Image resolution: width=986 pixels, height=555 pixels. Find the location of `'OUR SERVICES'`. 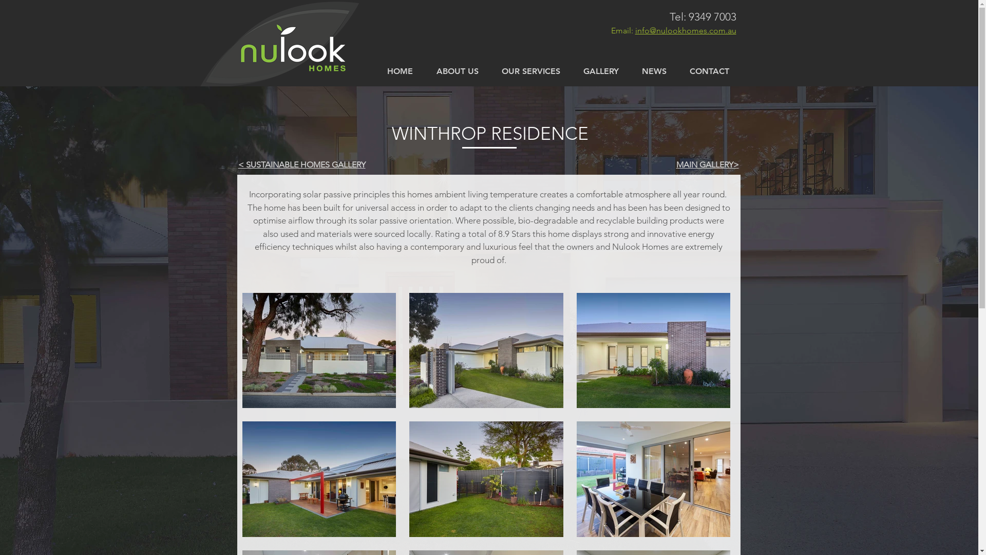

'OUR SERVICES' is located at coordinates (489, 70).